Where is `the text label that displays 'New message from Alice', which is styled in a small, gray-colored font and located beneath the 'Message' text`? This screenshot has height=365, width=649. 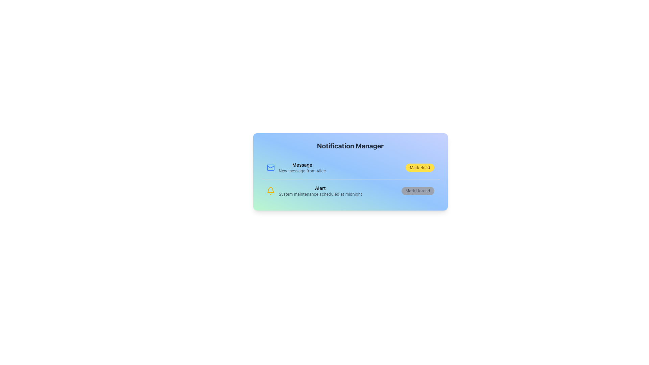 the text label that displays 'New message from Alice', which is styled in a small, gray-colored font and located beneath the 'Message' text is located at coordinates (302, 170).